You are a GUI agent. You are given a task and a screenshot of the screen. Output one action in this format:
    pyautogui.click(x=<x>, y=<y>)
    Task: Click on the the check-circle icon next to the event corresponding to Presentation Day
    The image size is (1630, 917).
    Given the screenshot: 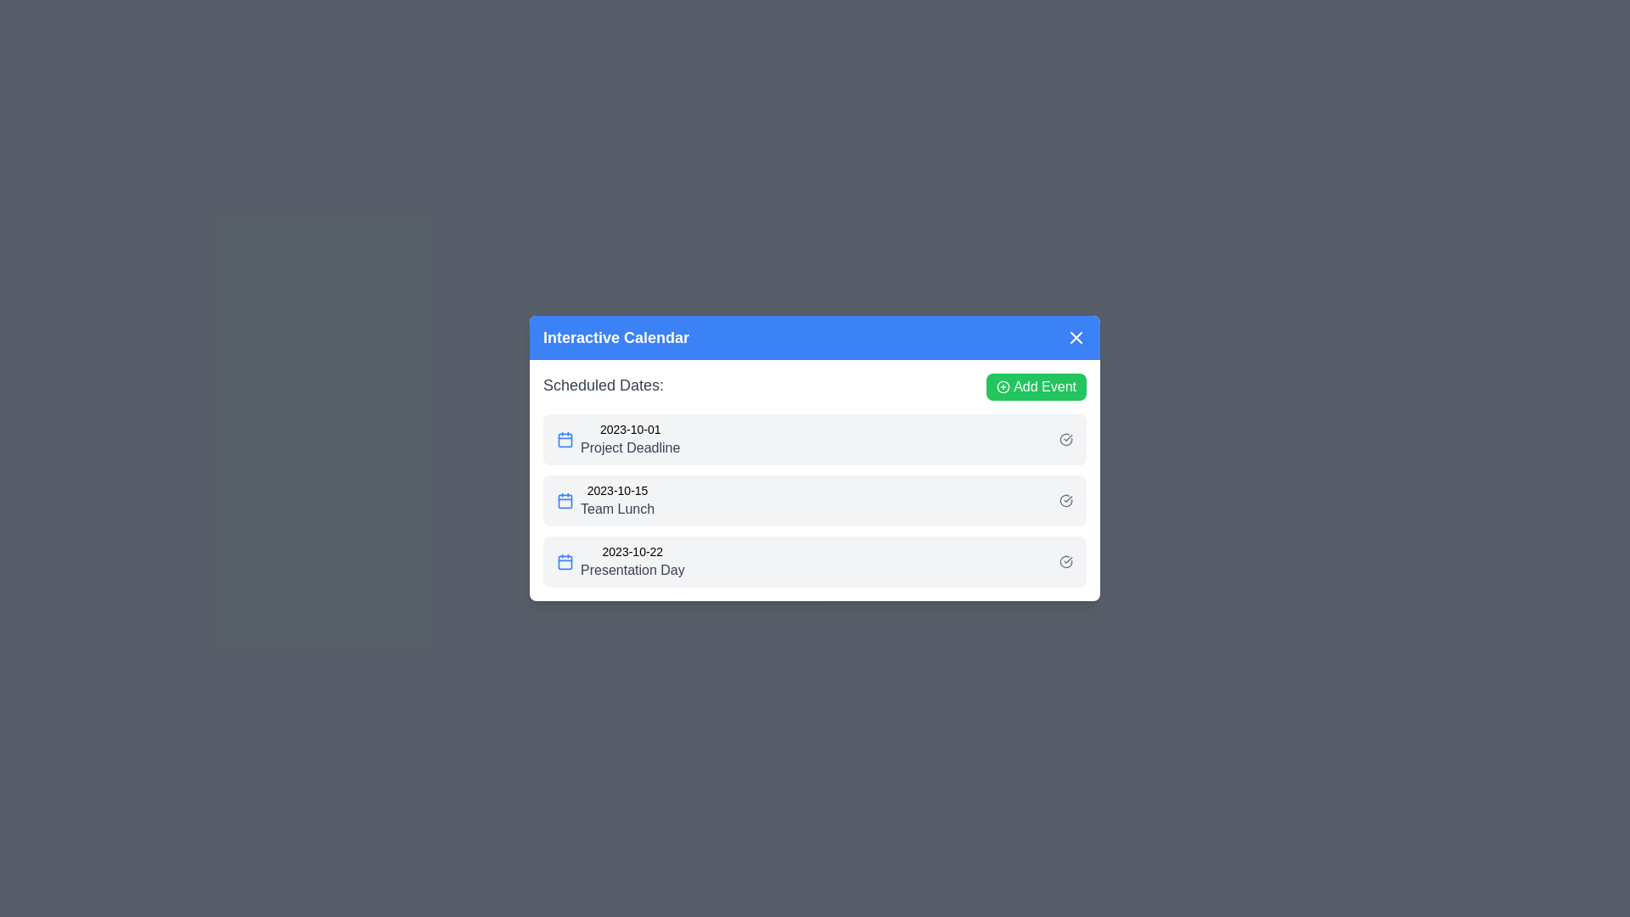 What is the action you would take?
    pyautogui.click(x=1065, y=562)
    